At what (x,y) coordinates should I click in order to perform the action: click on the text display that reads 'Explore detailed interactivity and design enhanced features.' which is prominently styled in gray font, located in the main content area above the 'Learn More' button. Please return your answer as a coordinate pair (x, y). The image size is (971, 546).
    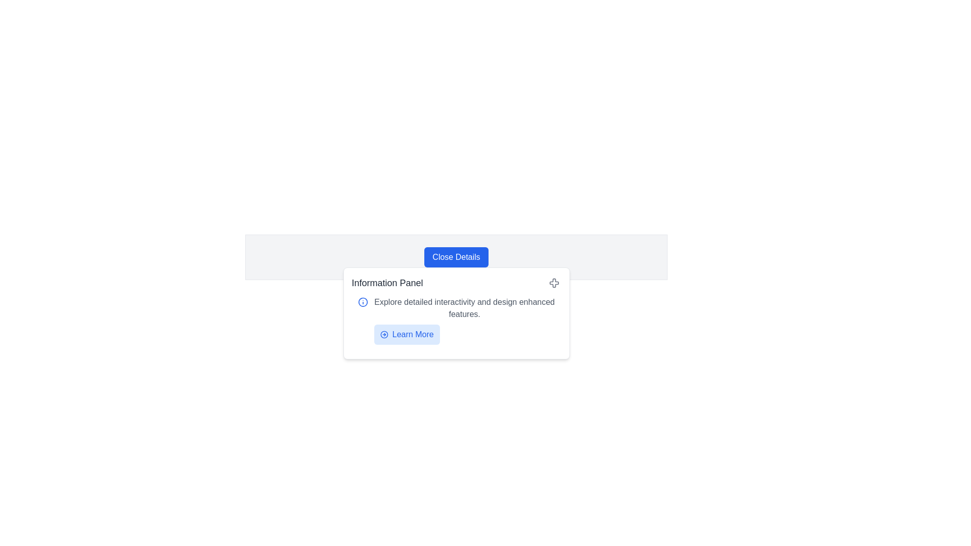
    Looking at the image, I should click on (464, 307).